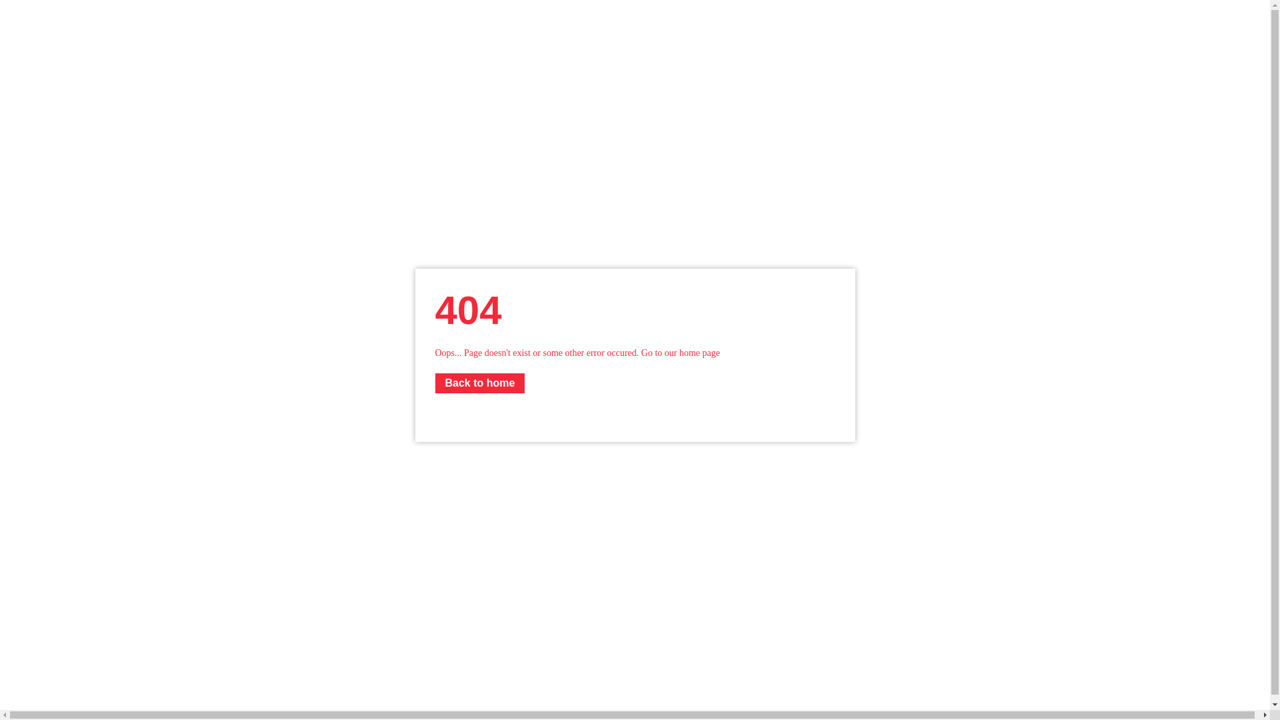 Image resolution: width=1280 pixels, height=720 pixels. I want to click on 'Back to home', so click(479, 383).